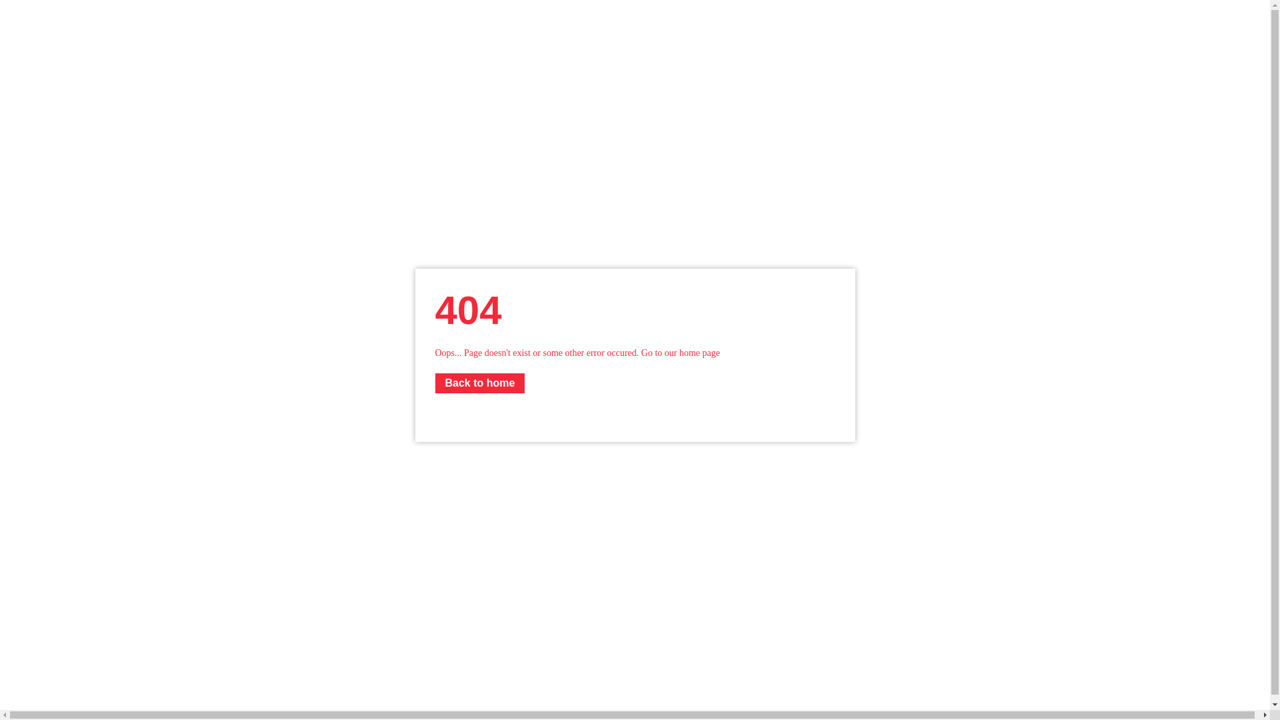 Image resolution: width=1280 pixels, height=720 pixels. I want to click on 'Back to home', so click(479, 383).